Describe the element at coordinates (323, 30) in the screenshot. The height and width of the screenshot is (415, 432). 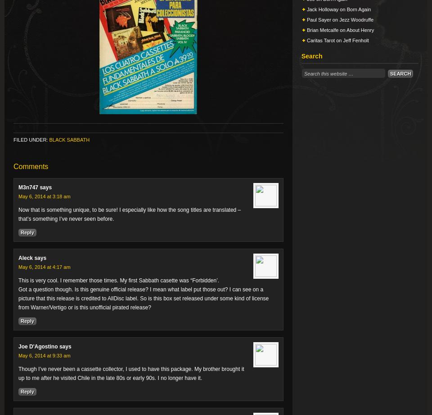
I see `'Brian Metcalfe'` at that location.